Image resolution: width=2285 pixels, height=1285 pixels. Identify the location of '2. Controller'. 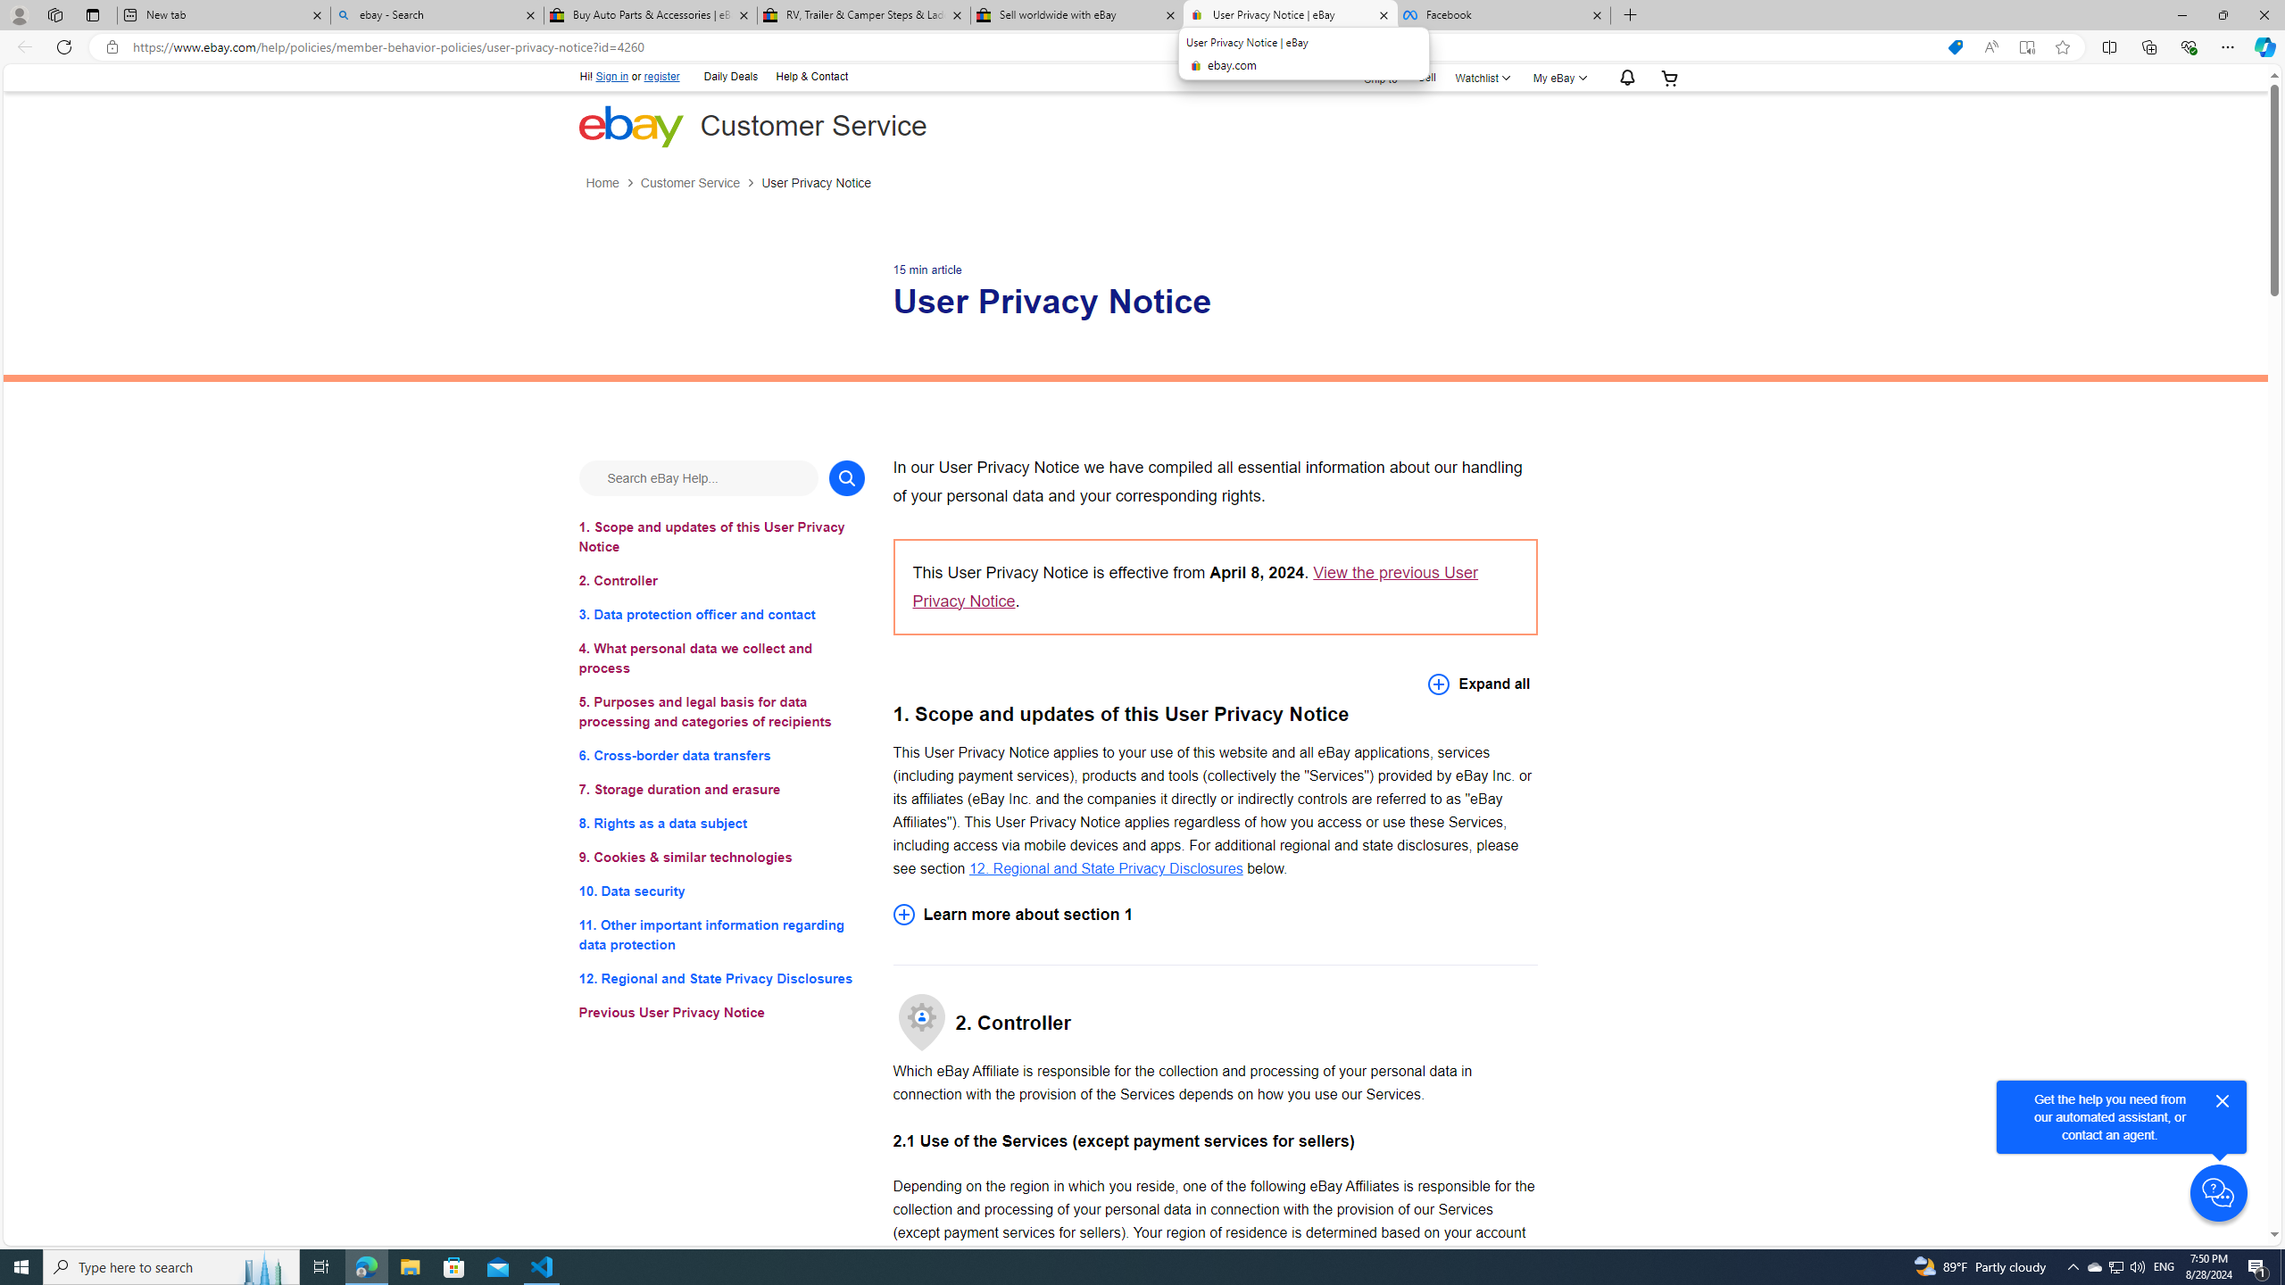
(720, 580).